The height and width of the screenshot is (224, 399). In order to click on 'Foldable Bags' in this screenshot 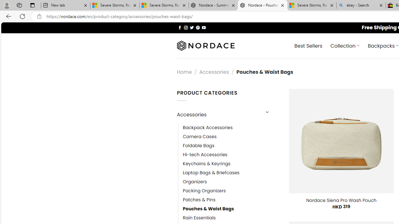, I will do `click(198, 146)`.